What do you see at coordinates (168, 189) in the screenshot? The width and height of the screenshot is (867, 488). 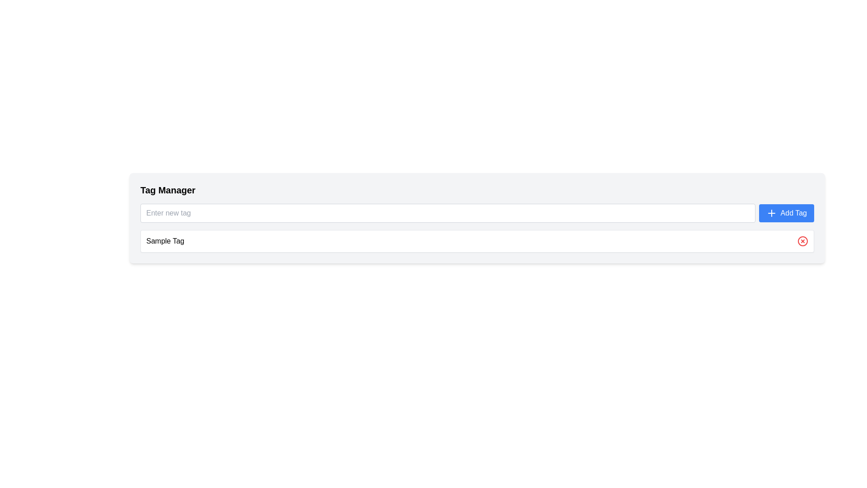 I see `the 'Tag Manager' heading located in the top-left corner of the light-gray section, which is rendered in a bold font style` at bounding box center [168, 189].